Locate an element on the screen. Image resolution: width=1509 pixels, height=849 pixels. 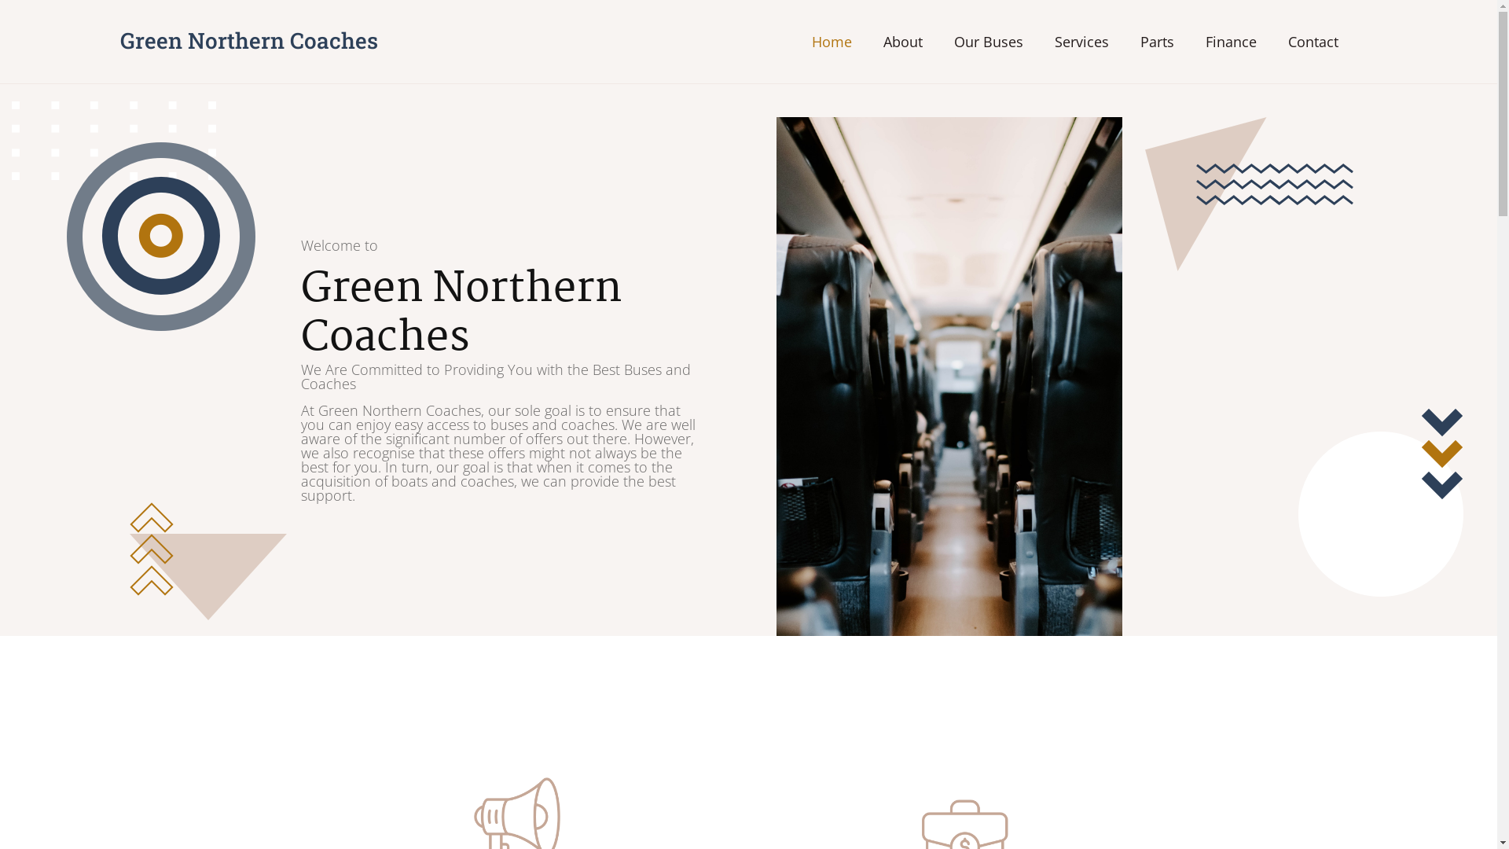
'Parts' is located at coordinates (1156, 41).